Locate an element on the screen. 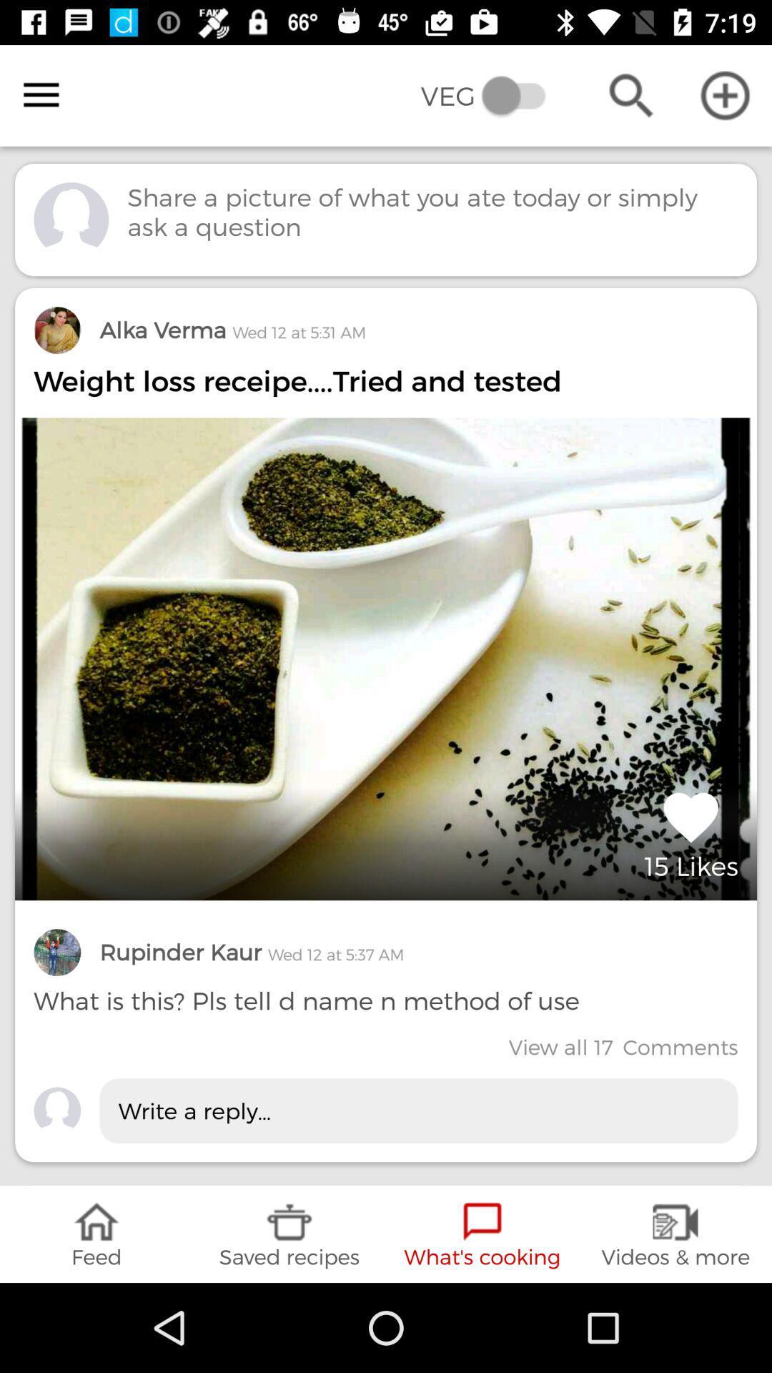 This screenshot has height=1373, width=772. item next to the what's cooking icon is located at coordinates (289, 1234).